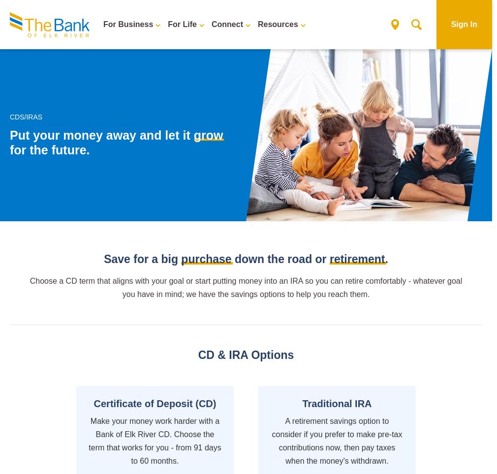  What do you see at coordinates (181, 259) in the screenshot?
I see `'purchase'` at bounding box center [181, 259].